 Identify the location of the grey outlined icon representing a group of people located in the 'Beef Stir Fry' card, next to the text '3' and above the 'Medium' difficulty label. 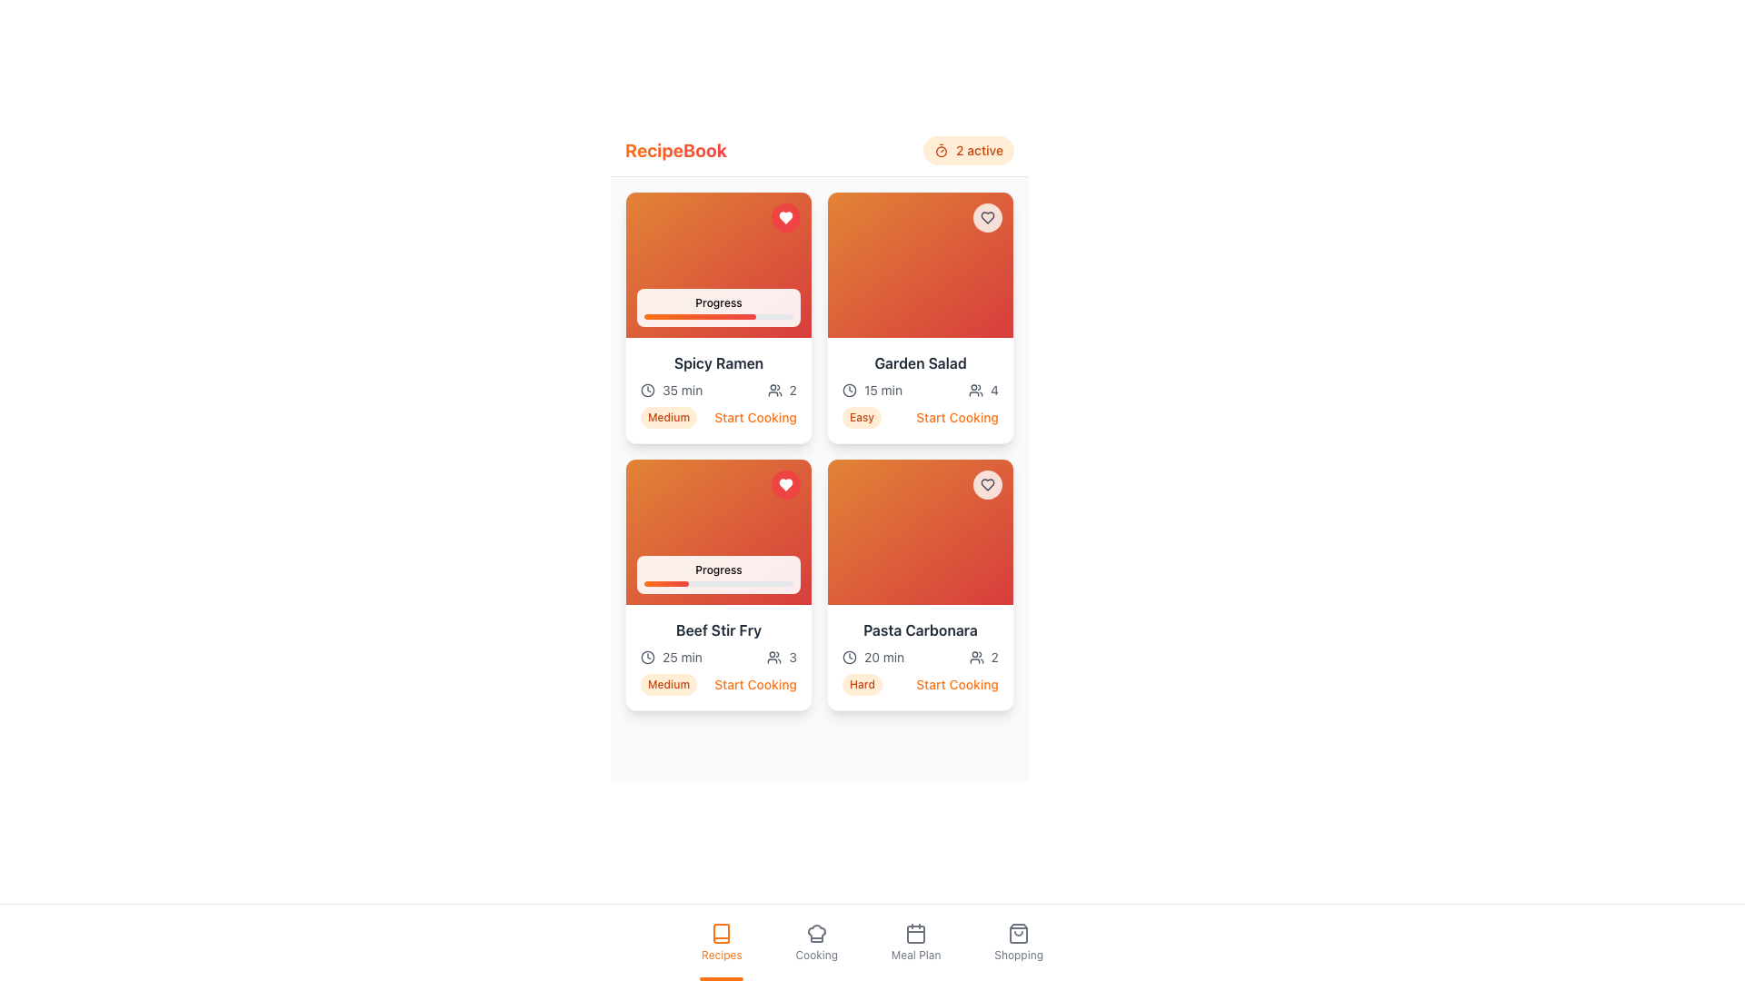
(774, 658).